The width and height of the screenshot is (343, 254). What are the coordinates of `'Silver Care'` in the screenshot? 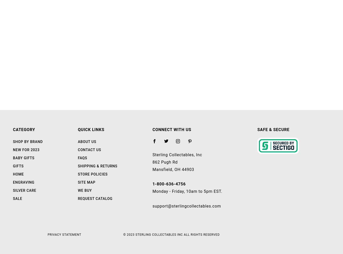 It's located at (24, 190).